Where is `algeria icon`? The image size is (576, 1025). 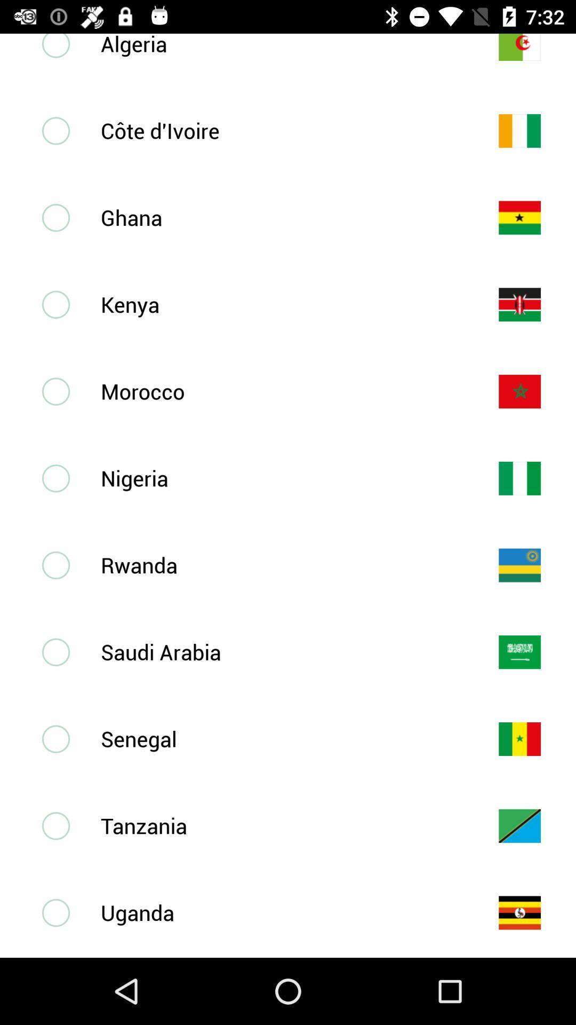 algeria icon is located at coordinates (282, 45).